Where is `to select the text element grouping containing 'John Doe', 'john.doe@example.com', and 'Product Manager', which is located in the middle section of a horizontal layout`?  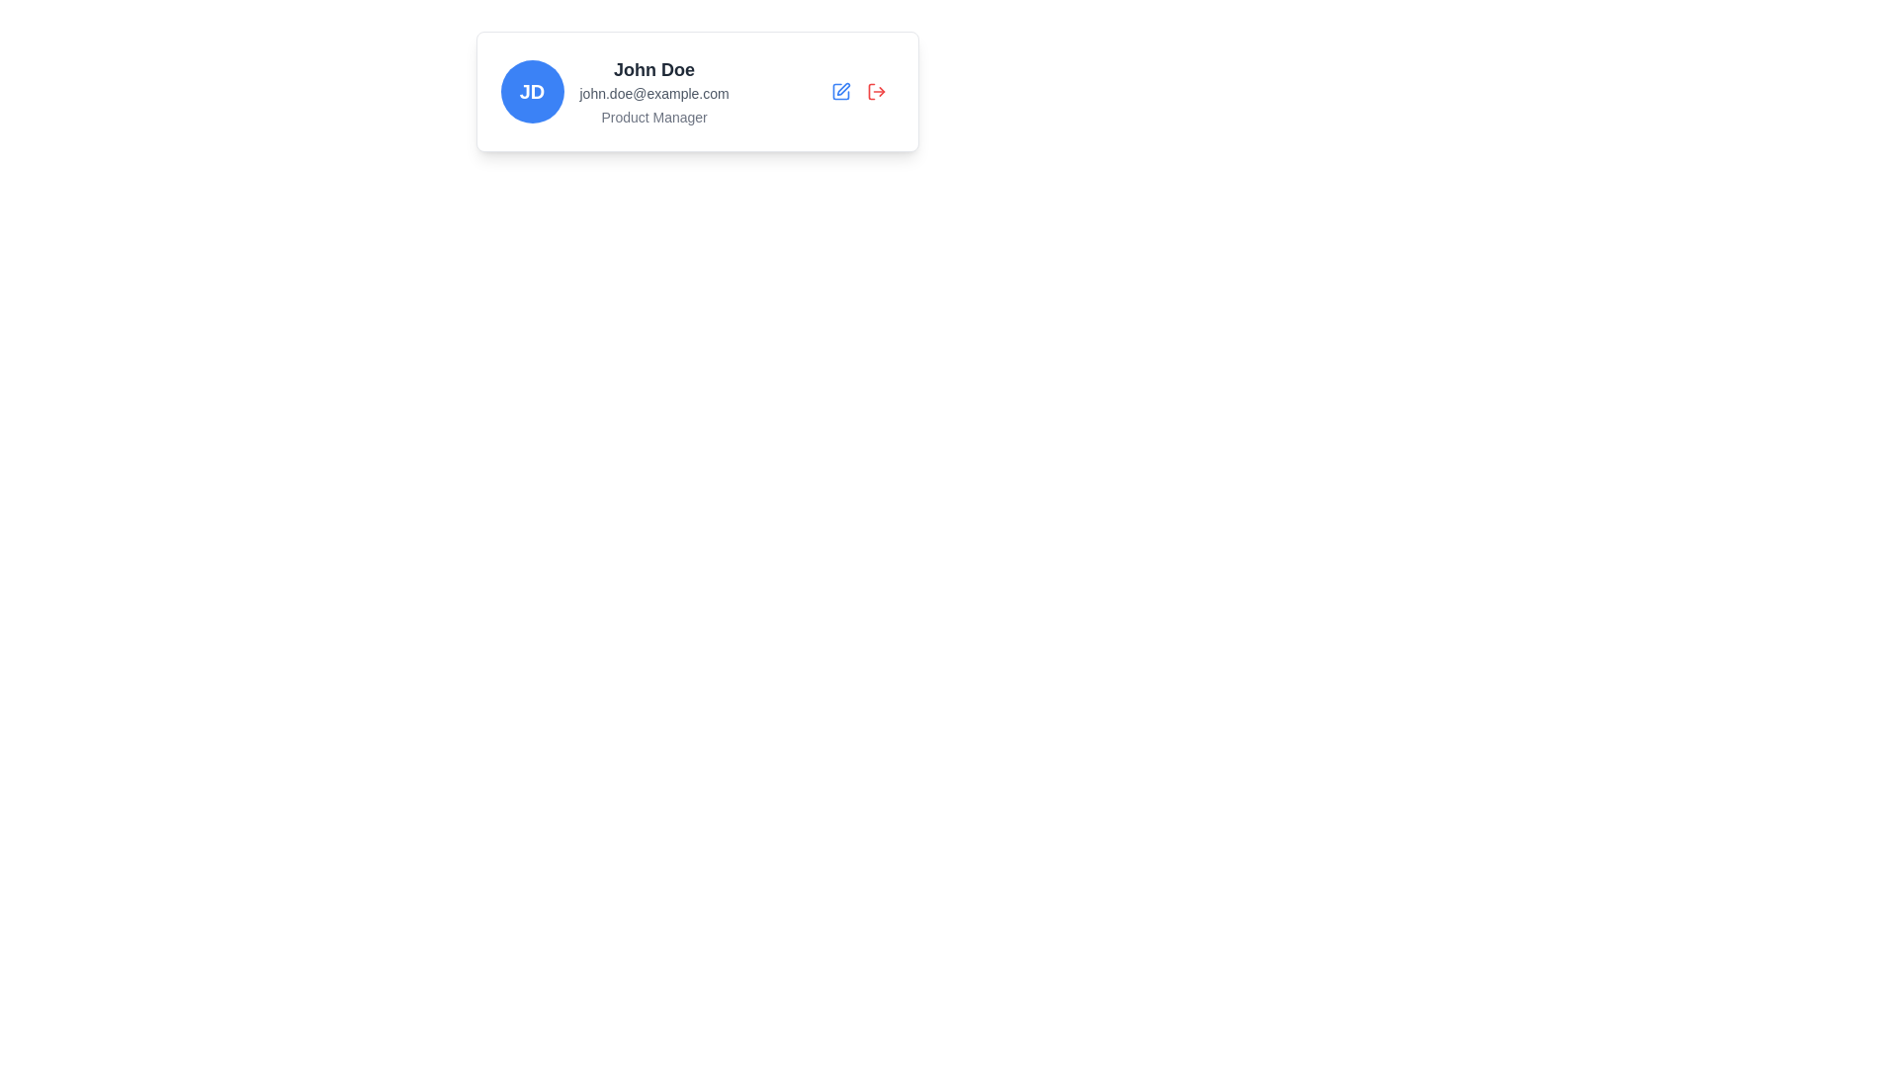 to select the text element grouping containing 'John Doe', 'john.doe@example.com', and 'Product Manager', which is located in the middle section of a horizontal layout is located at coordinates (654, 91).